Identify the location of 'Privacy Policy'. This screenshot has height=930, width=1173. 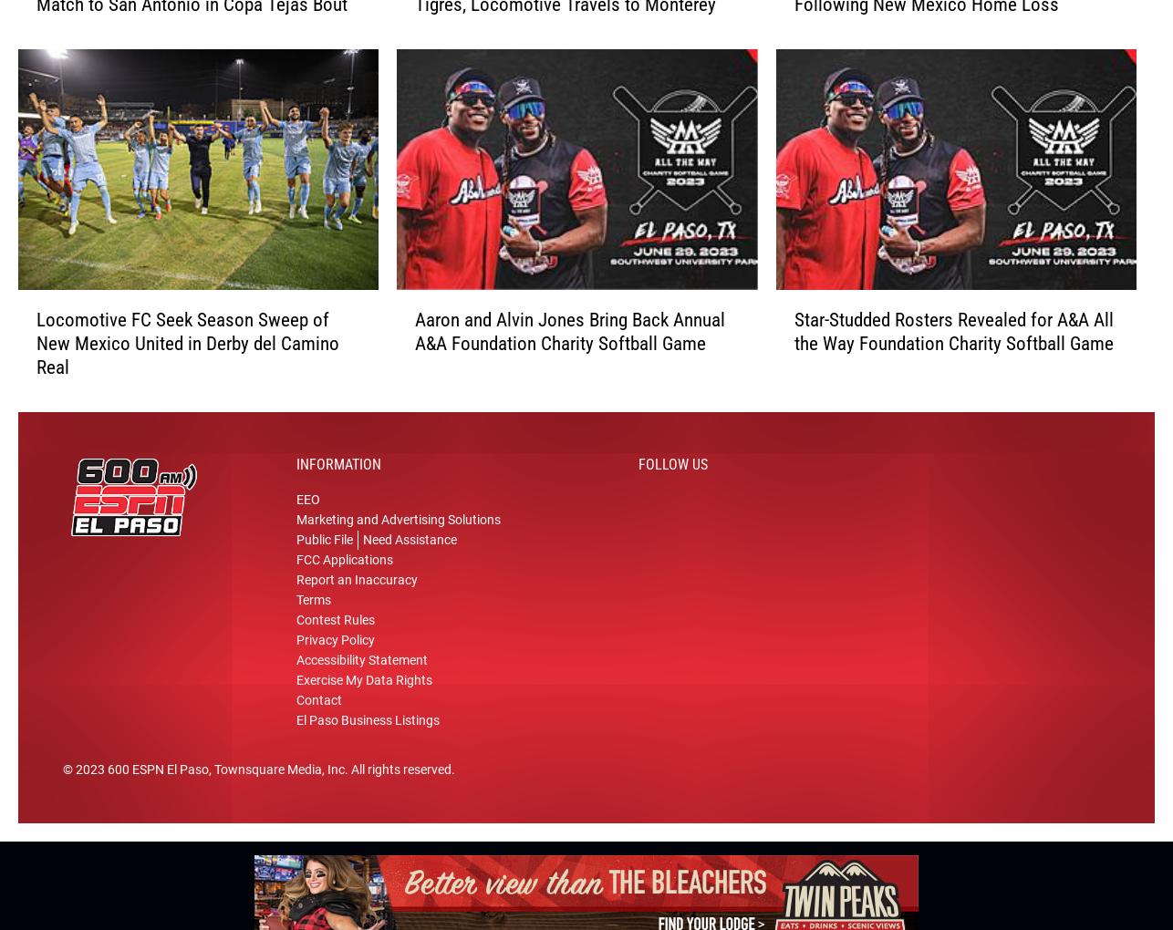
(335, 646).